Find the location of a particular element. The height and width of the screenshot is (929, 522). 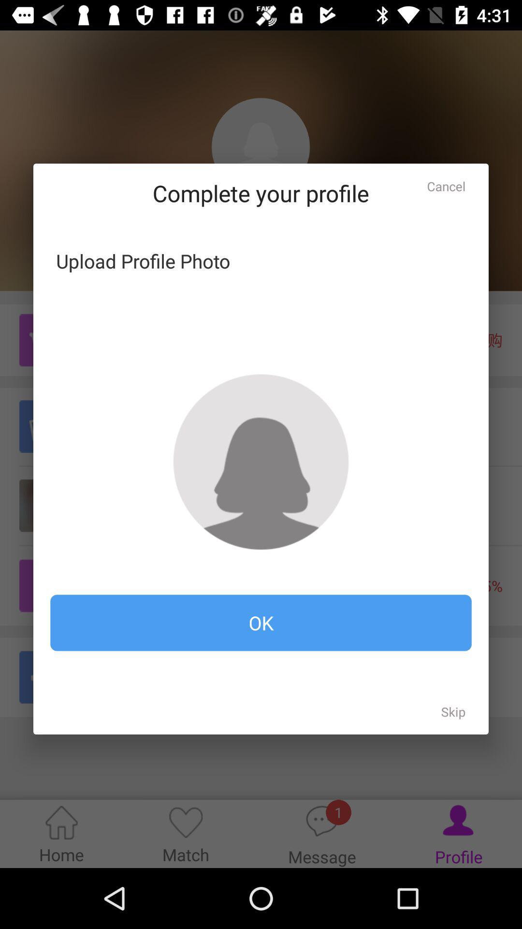

the item at the bottom is located at coordinates (261, 623).